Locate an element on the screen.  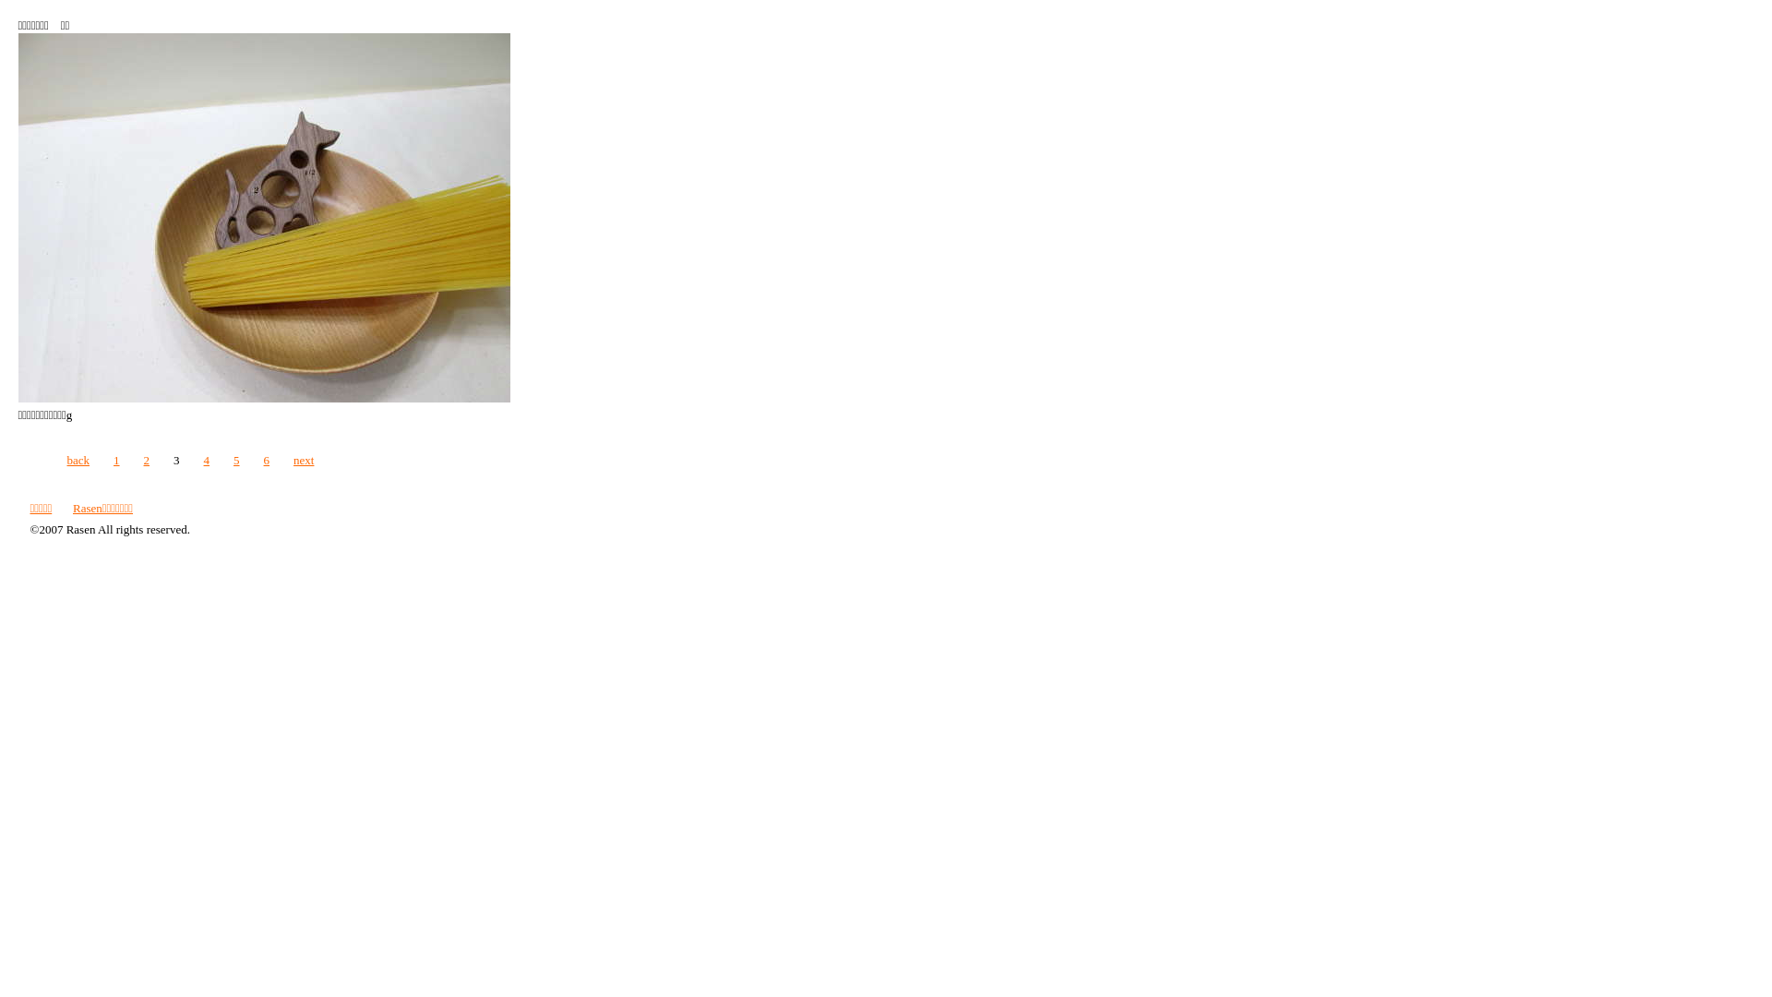
'1' is located at coordinates (115, 458).